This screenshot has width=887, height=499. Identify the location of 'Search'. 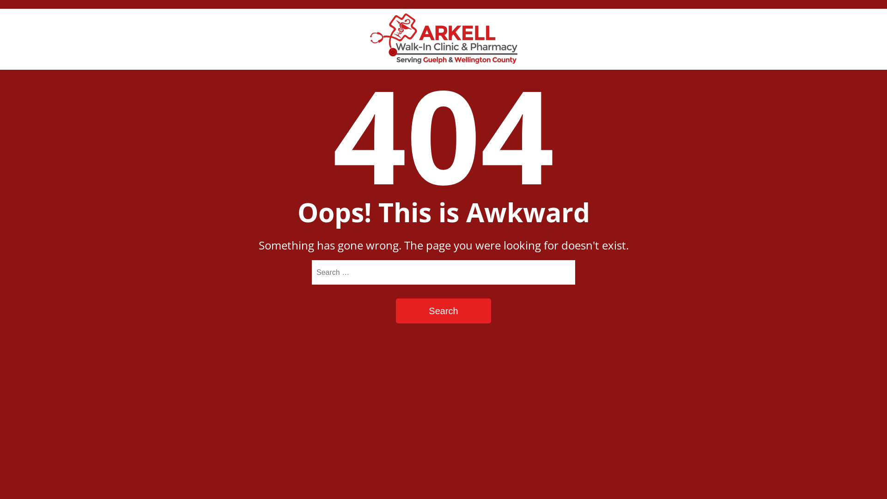
(443, 310).